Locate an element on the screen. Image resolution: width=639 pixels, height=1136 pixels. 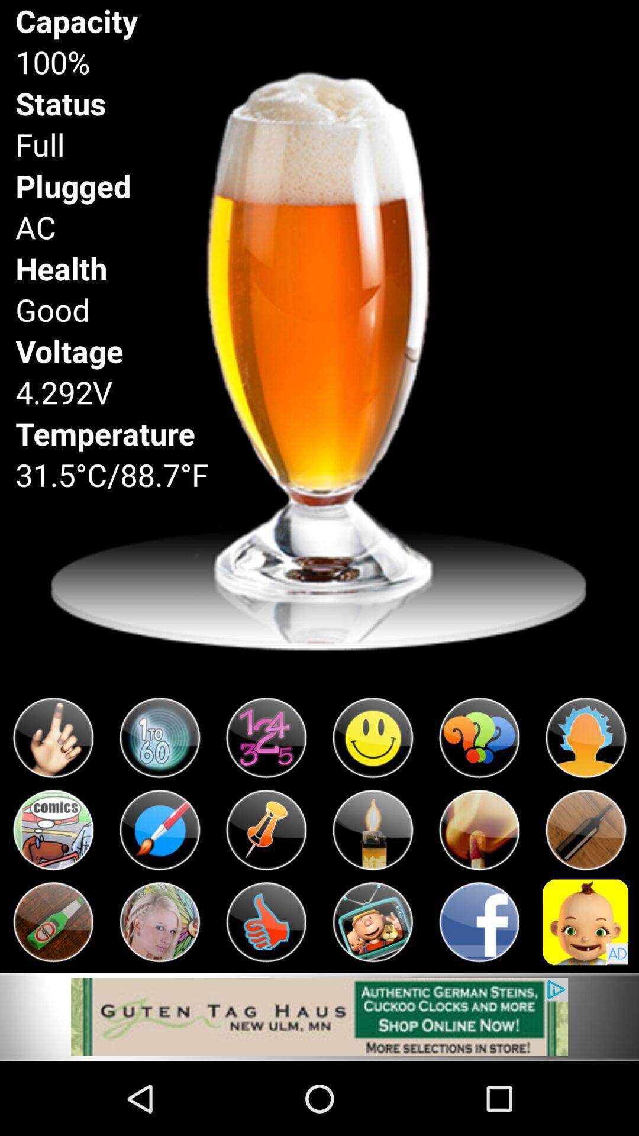
like option is located at coordinates (266, 921).